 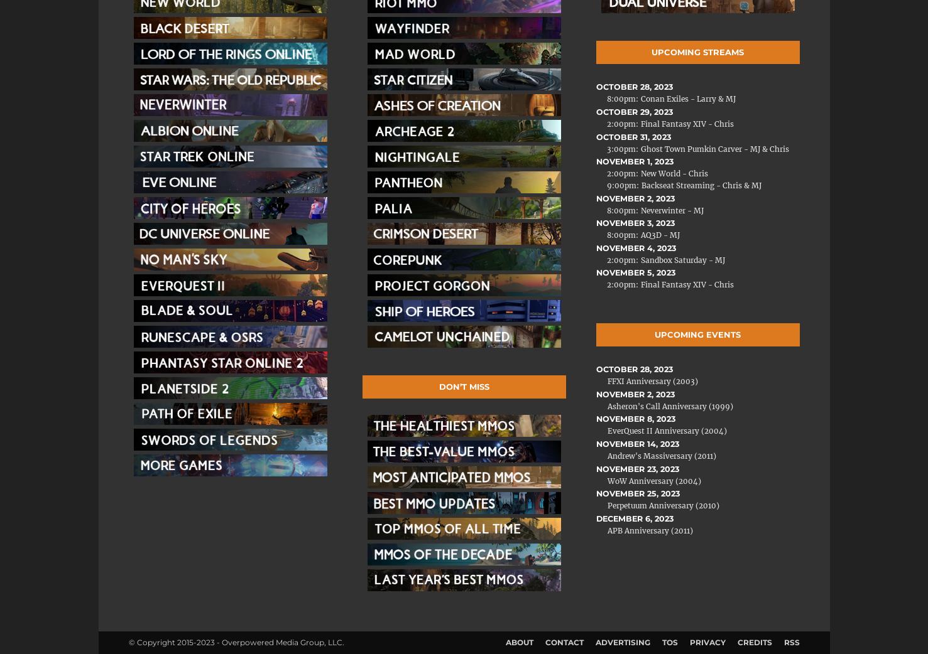 What do you see at coordinates (649, 530) in the screenshot?
I see `'APB Anniversary (2011)'` at bounding box center [649, 530].